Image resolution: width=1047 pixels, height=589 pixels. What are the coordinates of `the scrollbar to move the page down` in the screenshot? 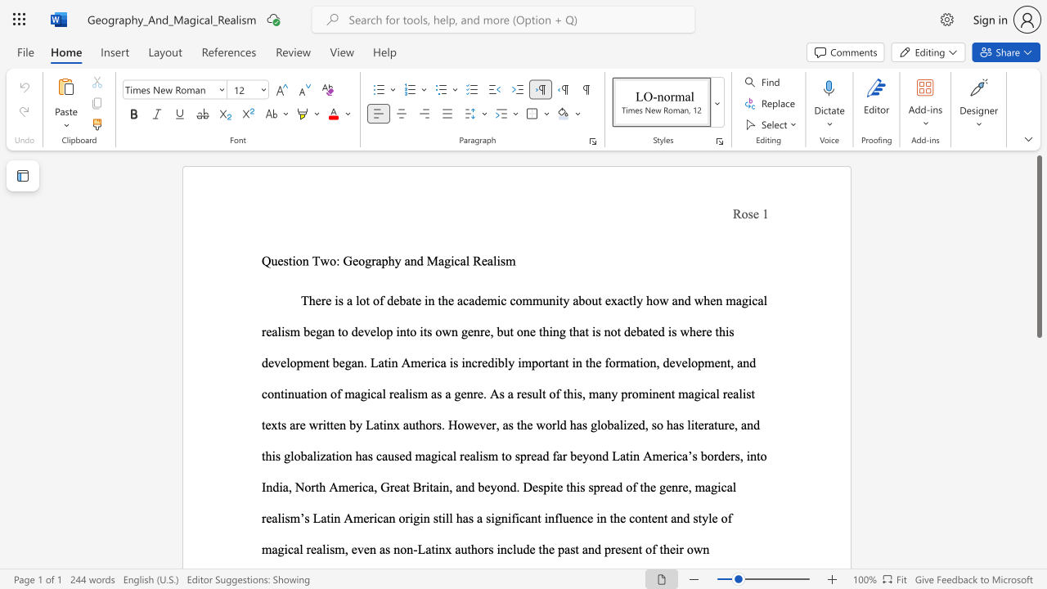 It's located at (1038, 555).